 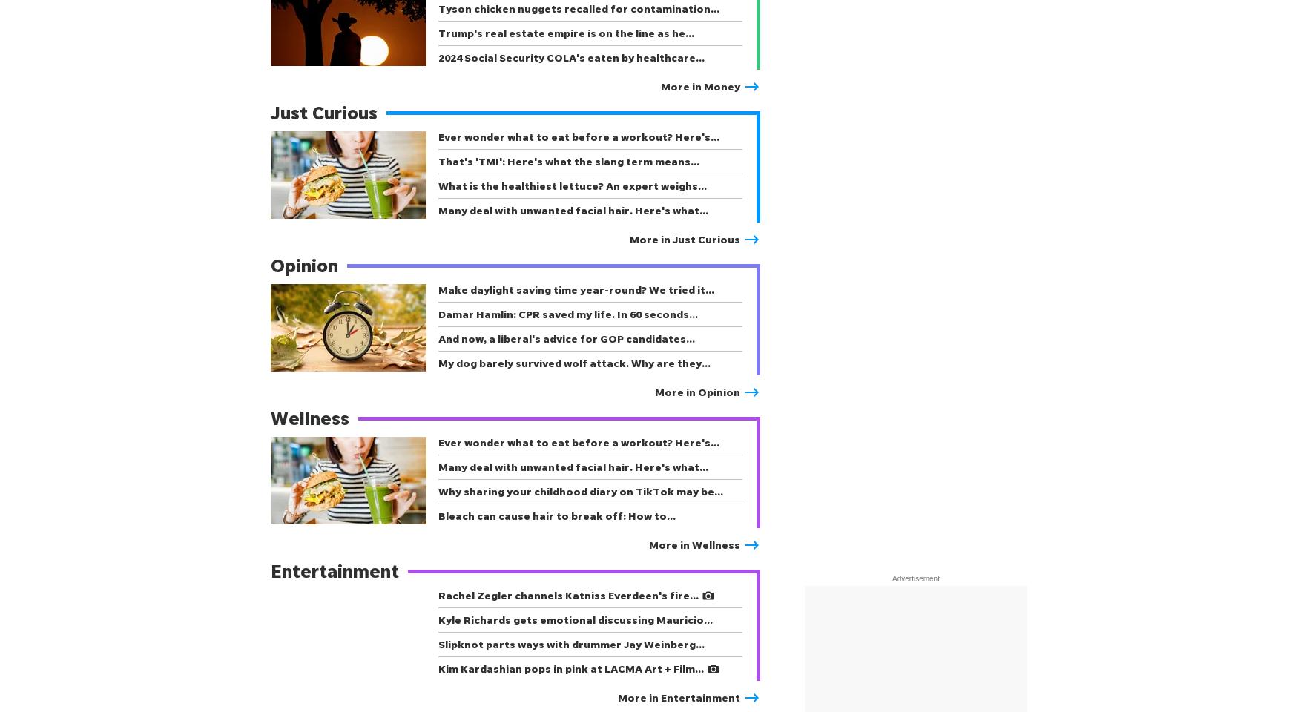 I want to click on 'More in Money', so click(x=700, y=86).